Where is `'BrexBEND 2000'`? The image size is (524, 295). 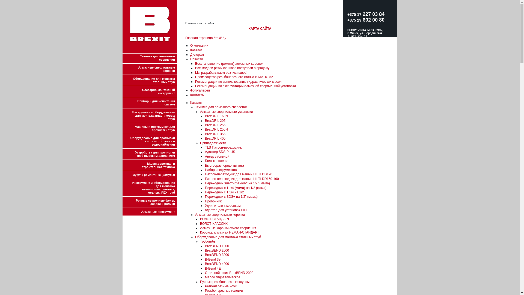
'BrexBEND 2000' is located at coordinates (217, 250).